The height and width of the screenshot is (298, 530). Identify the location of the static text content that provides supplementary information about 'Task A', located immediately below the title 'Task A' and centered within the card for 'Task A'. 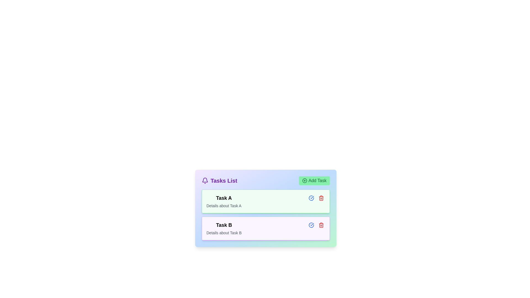
(224, 206).